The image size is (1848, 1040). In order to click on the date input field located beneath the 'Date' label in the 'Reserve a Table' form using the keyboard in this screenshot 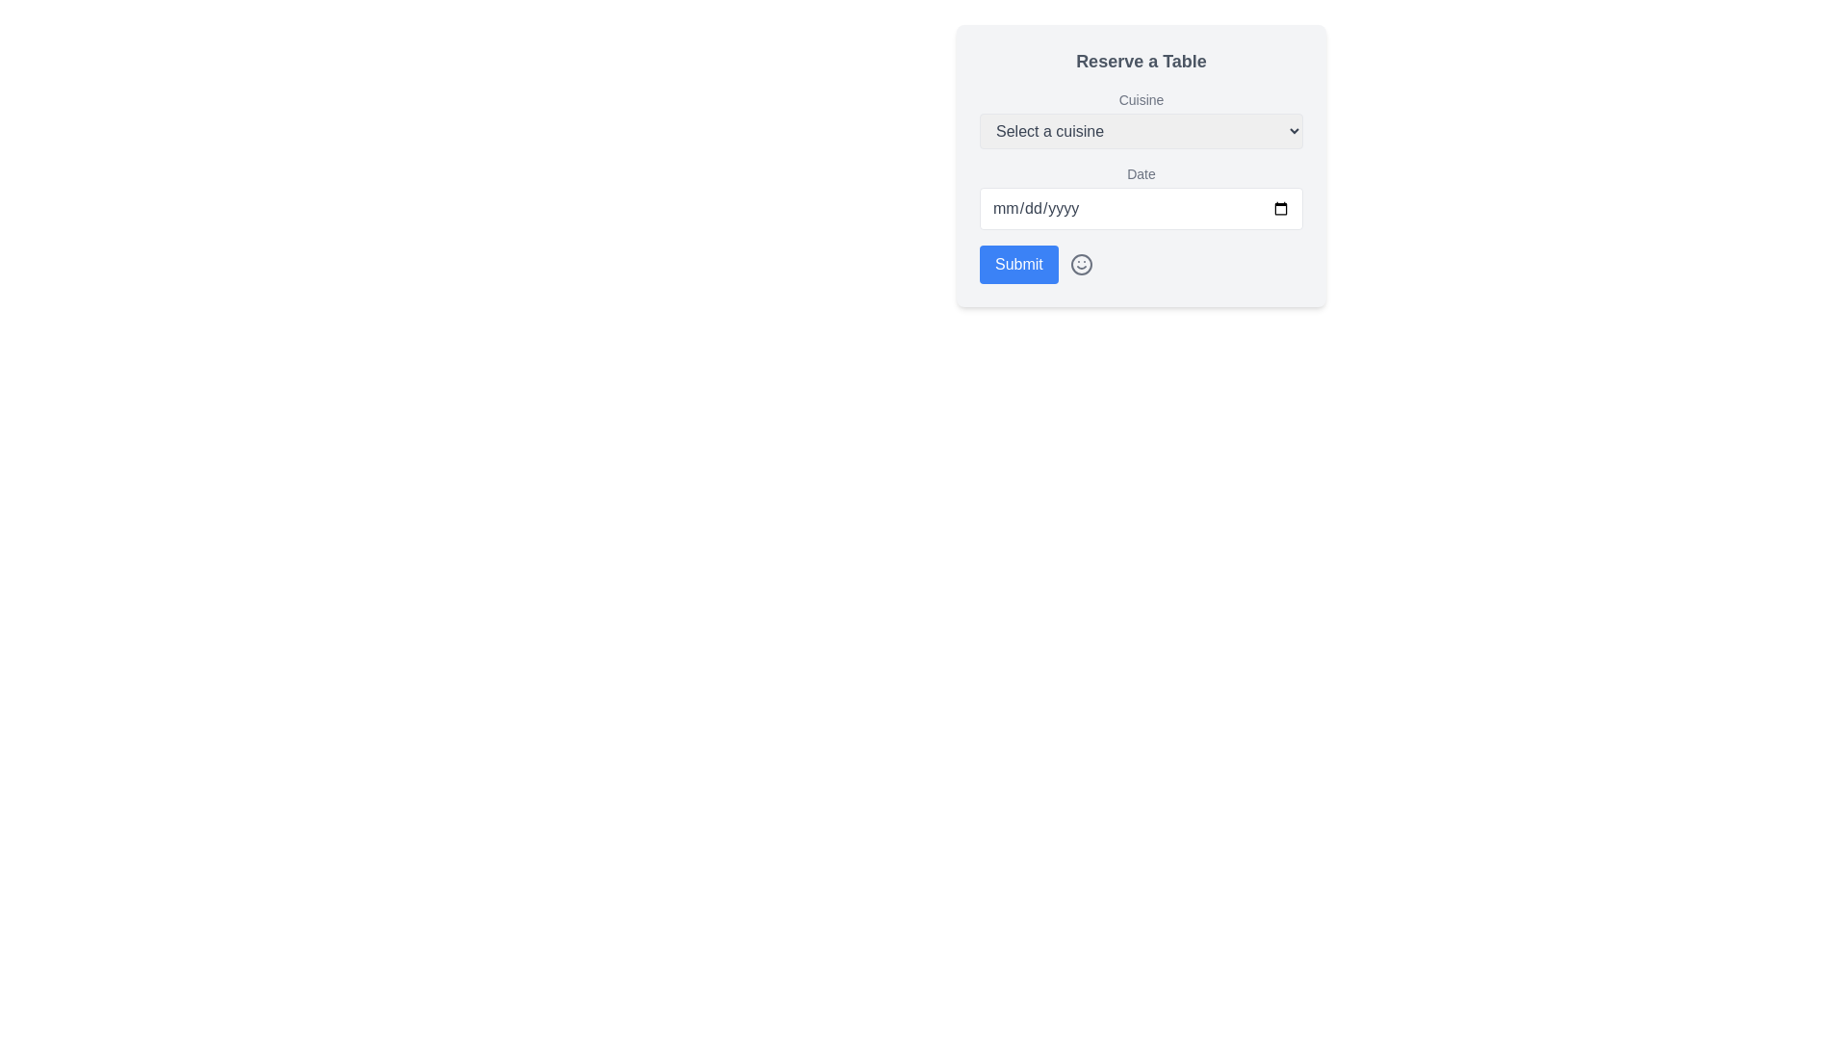, I will do `click(1141, 208)`.